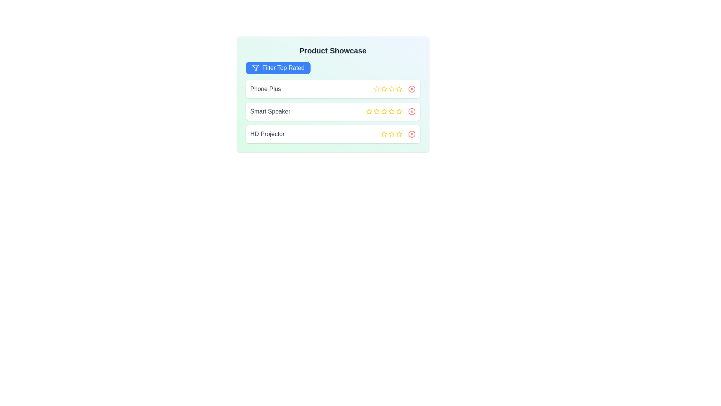 The height and width of the screenshot is (406, 721). I want to click on close icon next to the product HD Projector to remove it, so click(411, 134).